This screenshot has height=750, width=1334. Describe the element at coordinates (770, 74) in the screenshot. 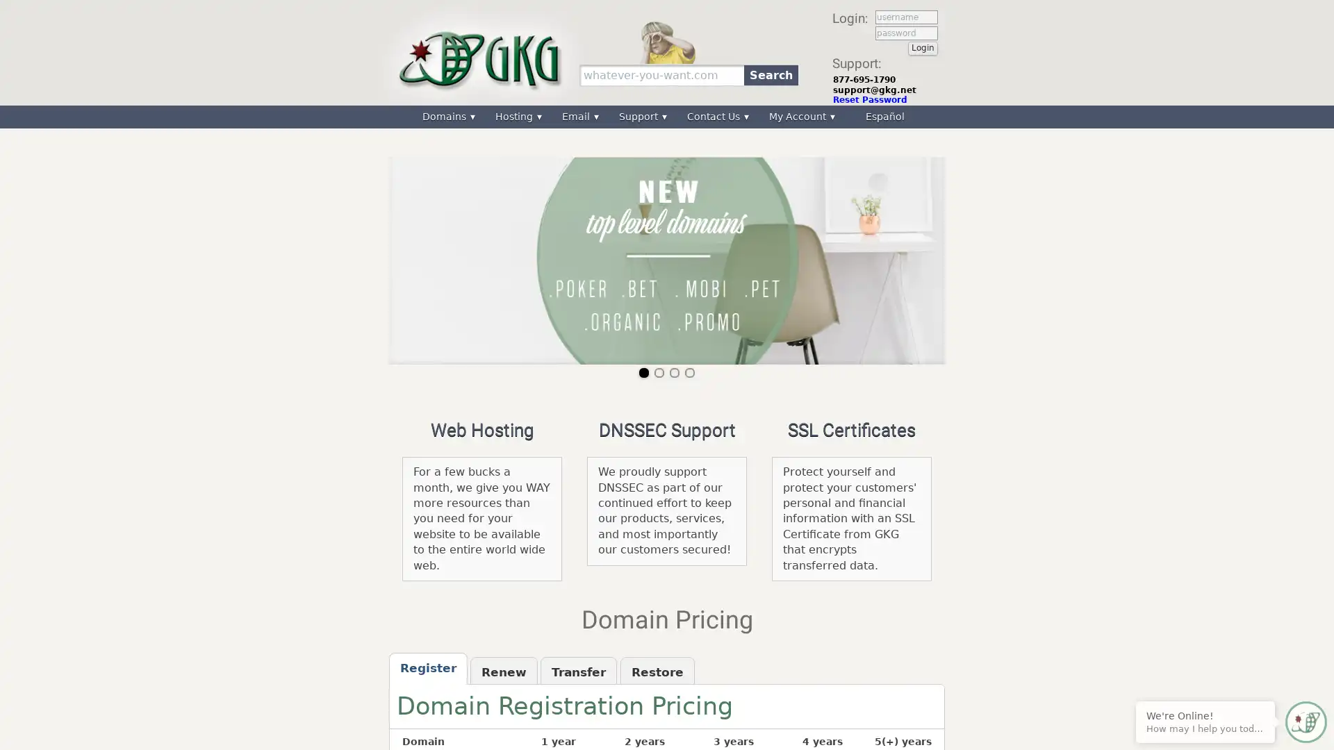

I see `Search` at that location.